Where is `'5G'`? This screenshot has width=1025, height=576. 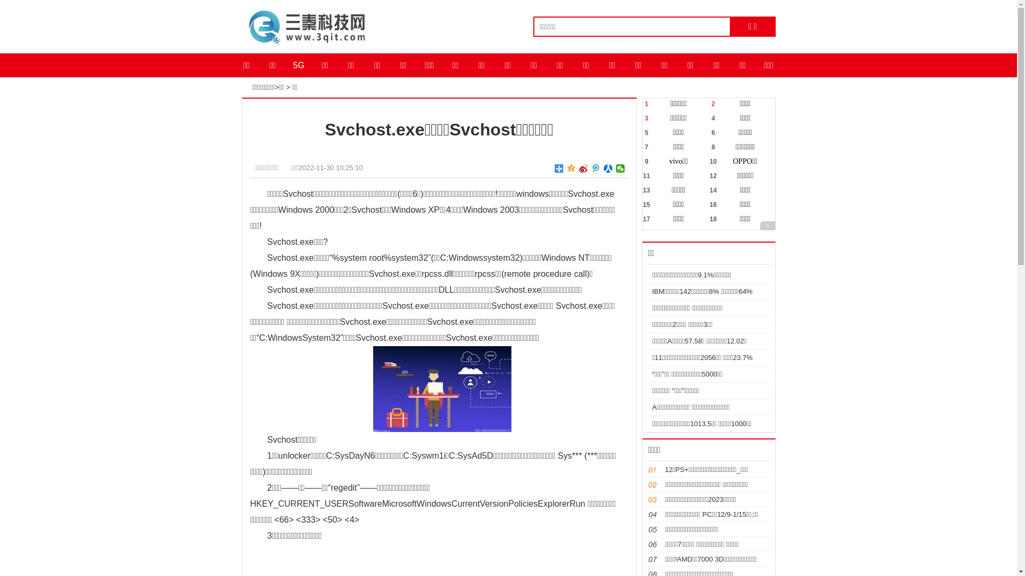 '5G' is located at coordinates (285, 65).